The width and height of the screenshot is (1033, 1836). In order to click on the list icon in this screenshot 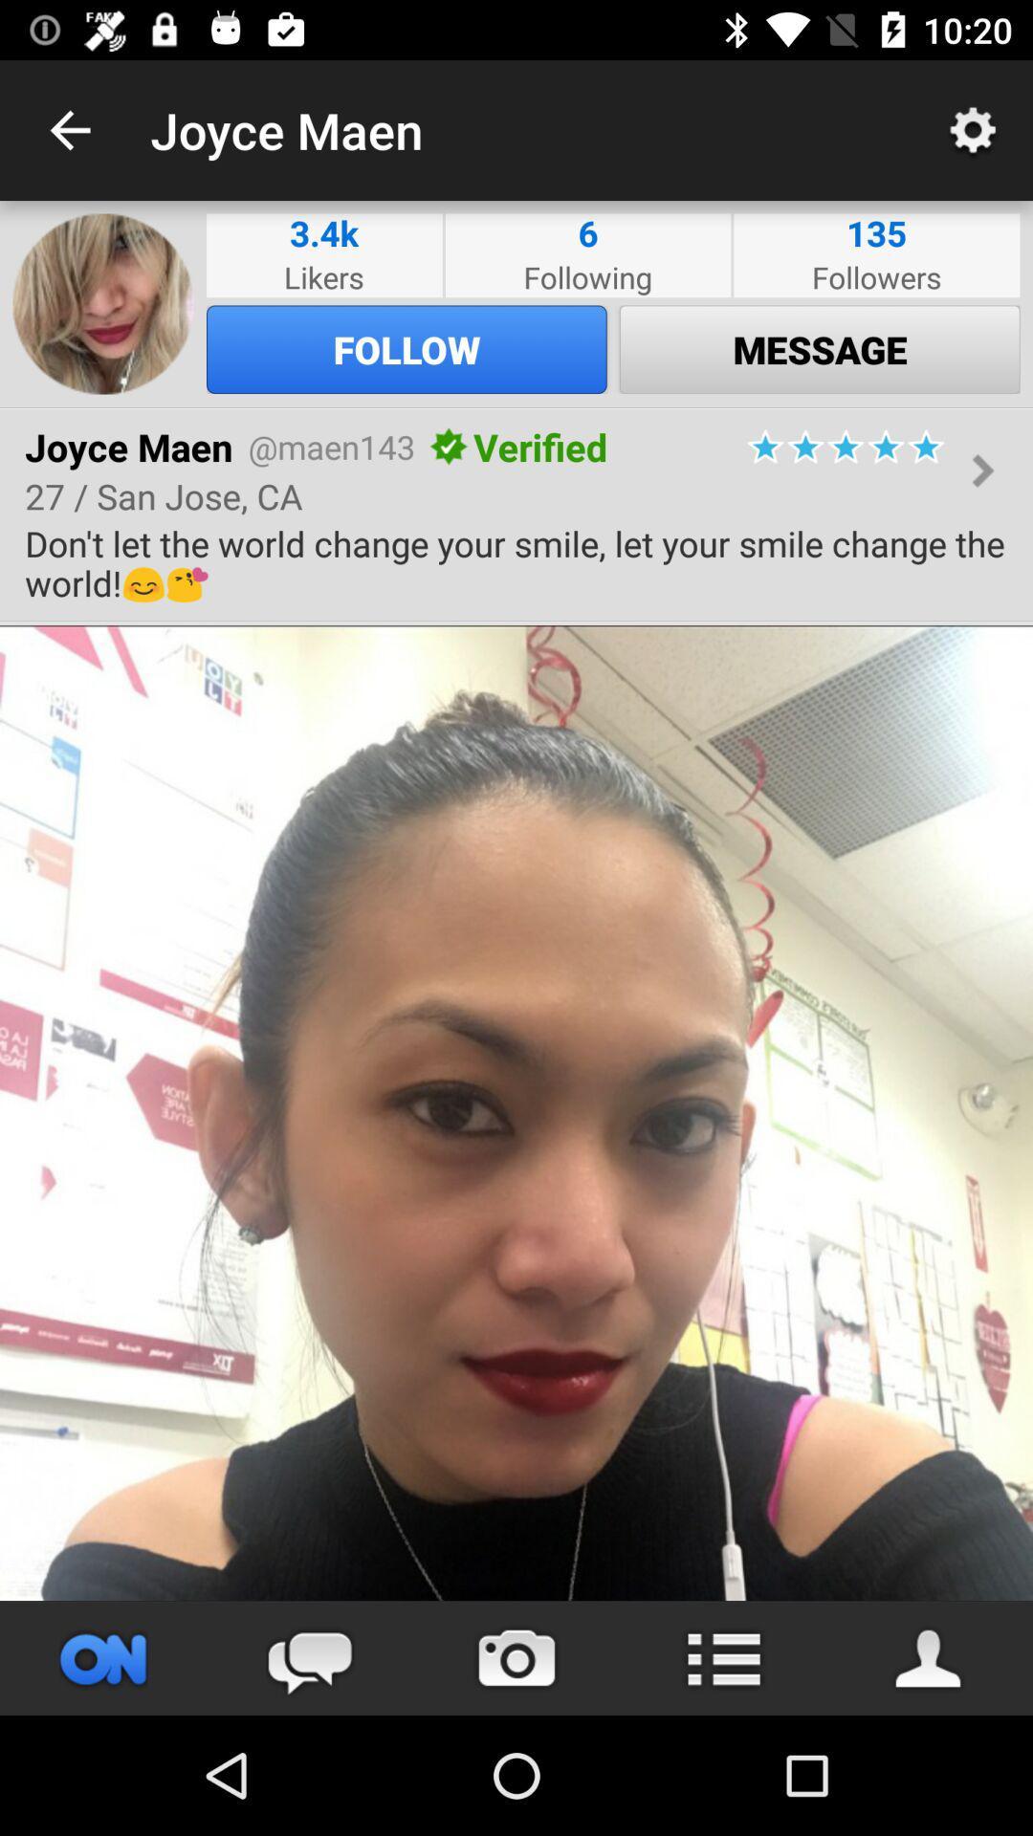, I will do `click(723, 1657)`.